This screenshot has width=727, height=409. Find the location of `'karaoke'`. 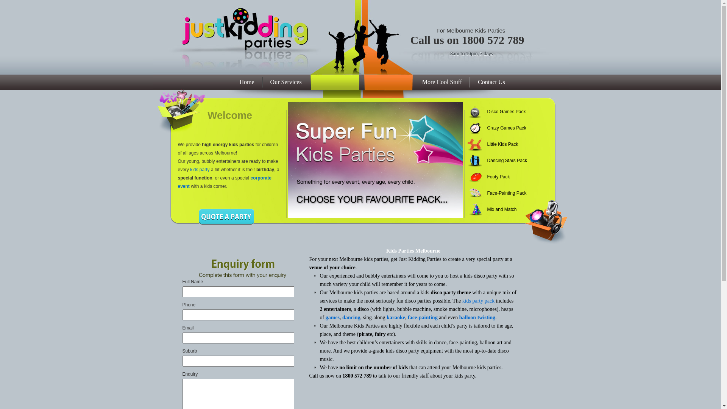

'karaoke' is located at coordinates (395, 317).